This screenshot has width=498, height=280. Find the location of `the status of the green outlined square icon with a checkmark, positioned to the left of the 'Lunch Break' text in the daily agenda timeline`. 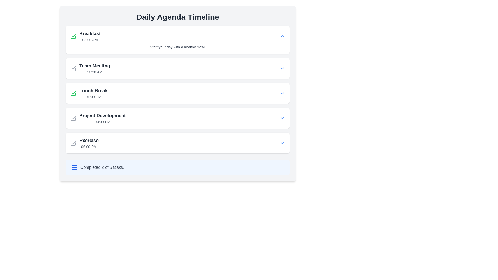

the status of the green outlined square icon with a checkmark, positioned to the left of the 'Lunch Break' text in the daily agenda timeline is located at coordinates (73, 93).